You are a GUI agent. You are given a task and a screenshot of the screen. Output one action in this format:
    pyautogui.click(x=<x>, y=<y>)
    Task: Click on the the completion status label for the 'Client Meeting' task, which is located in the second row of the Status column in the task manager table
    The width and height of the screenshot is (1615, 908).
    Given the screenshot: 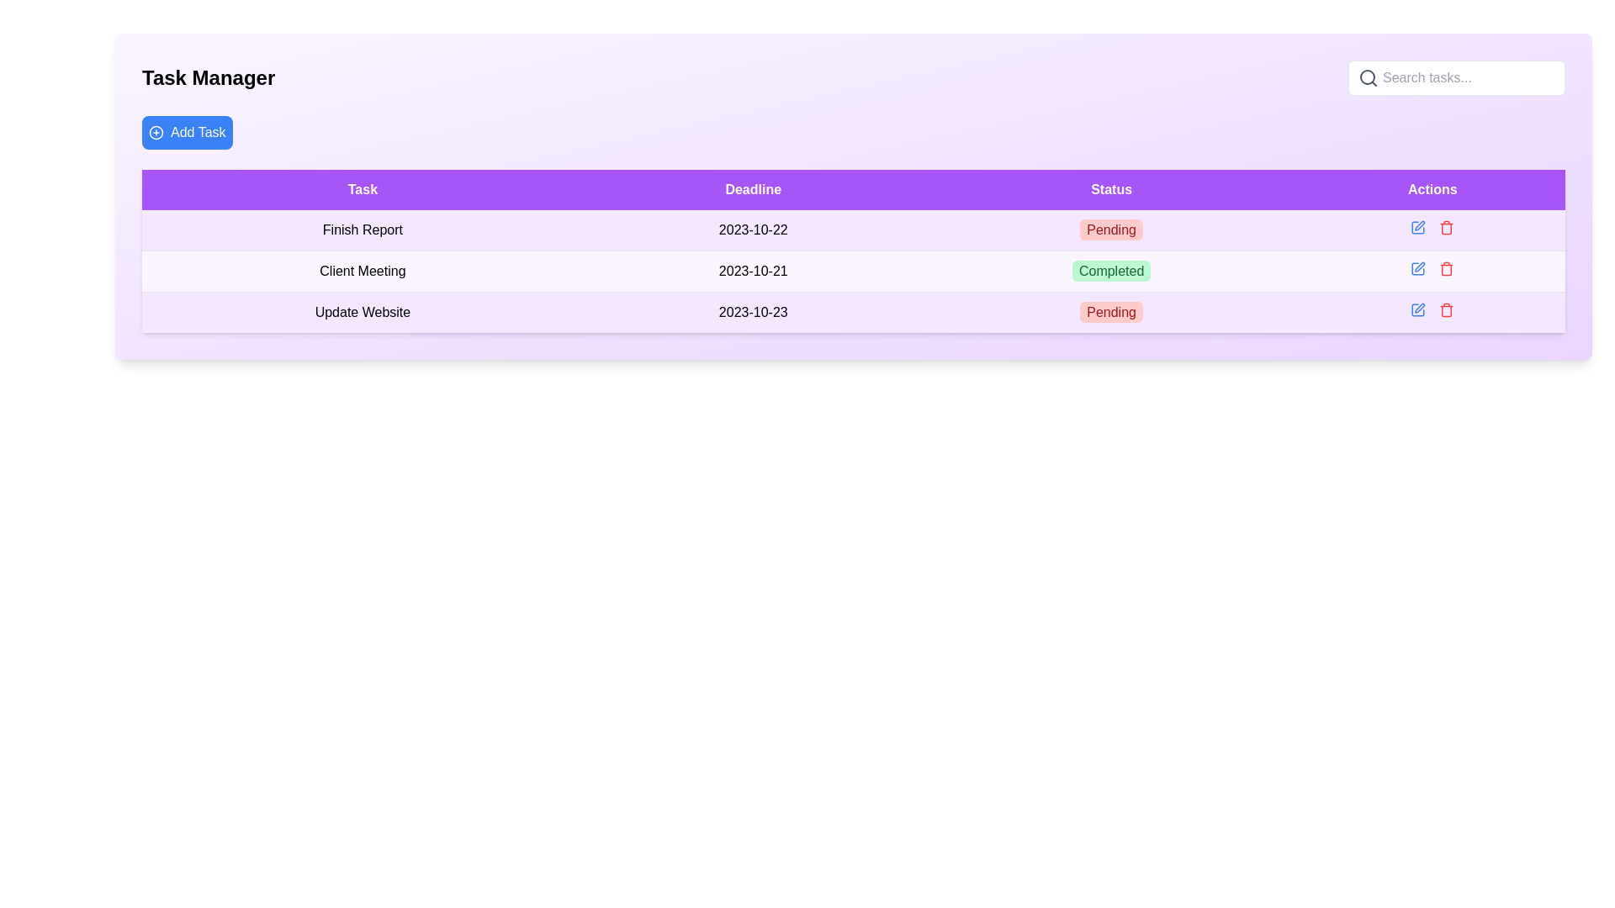 What is the action you would take?
    pyautogui.click(x=1111, y=270)
    